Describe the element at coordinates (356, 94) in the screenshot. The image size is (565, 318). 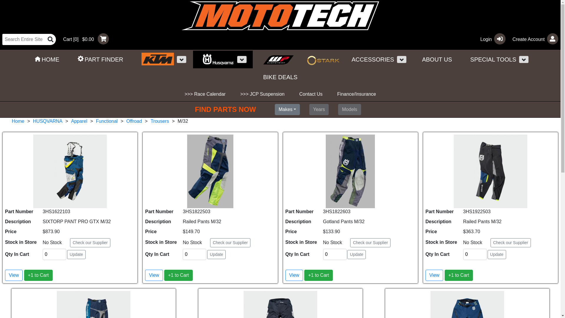
I see `'Finance/Insurance'` at that location.